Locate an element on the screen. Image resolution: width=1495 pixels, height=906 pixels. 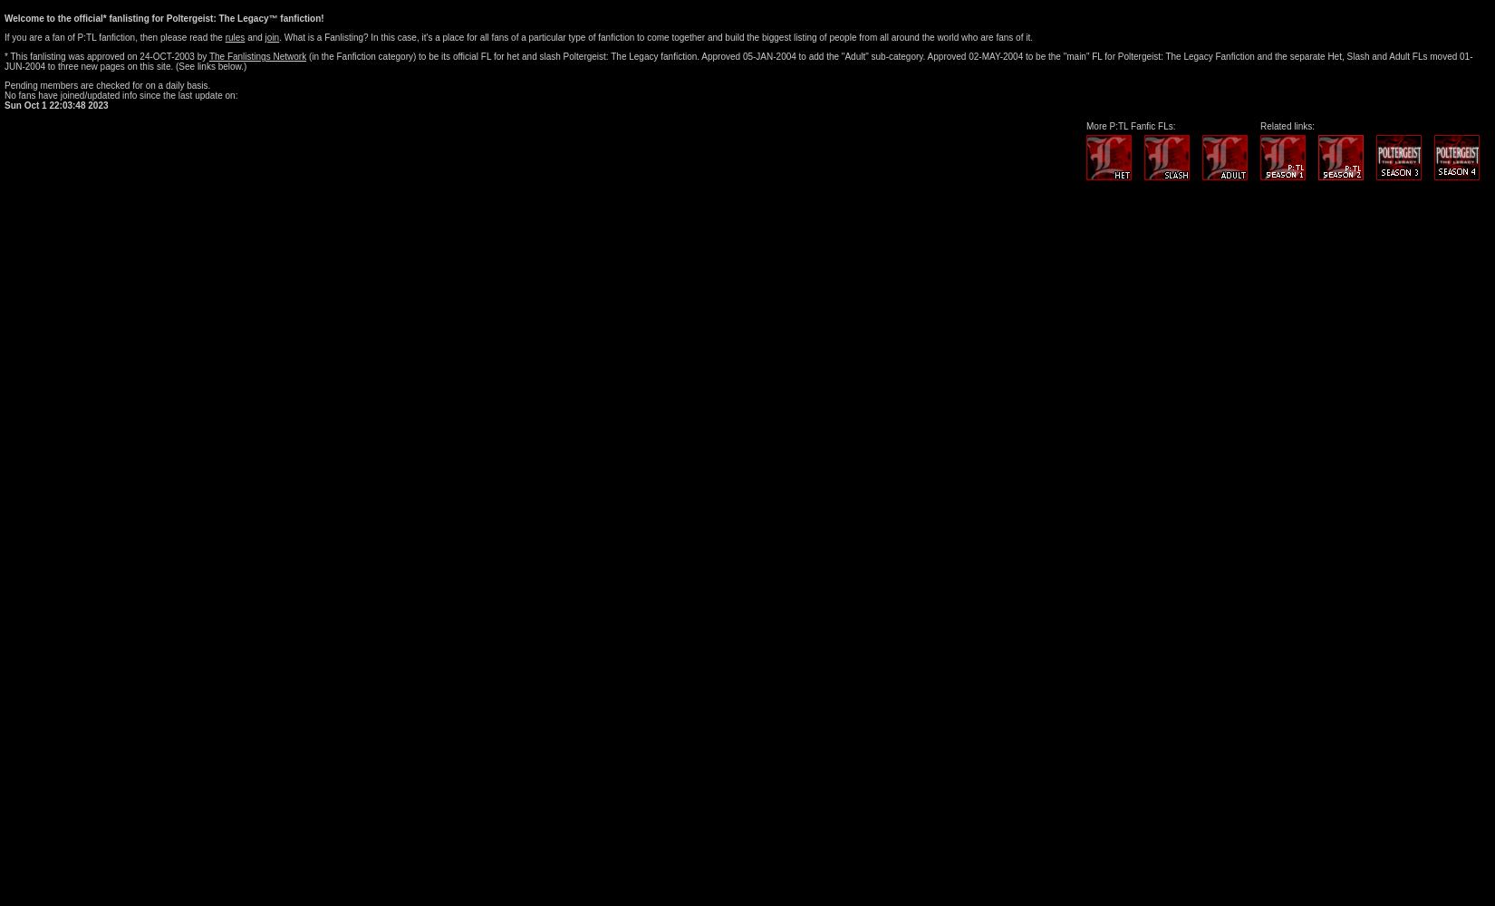
'The 
        Fanlistings Network' is located at coordinates (256, 56).